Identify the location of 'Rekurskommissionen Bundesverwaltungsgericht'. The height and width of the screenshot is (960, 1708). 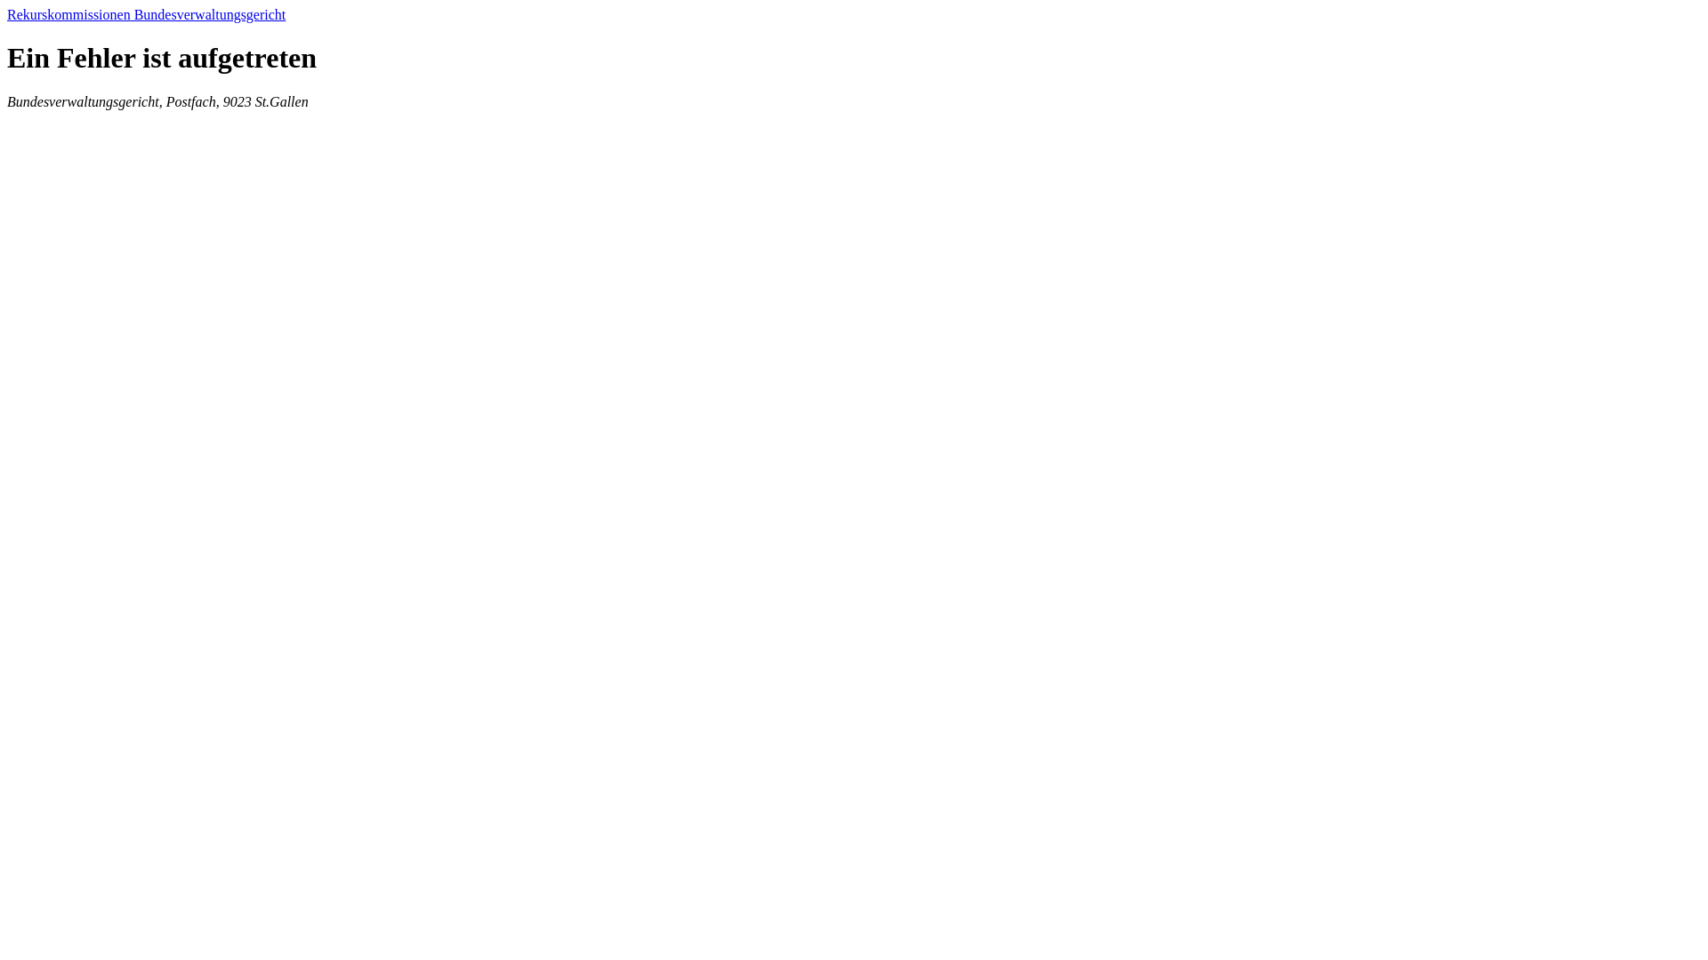
(146, 14).